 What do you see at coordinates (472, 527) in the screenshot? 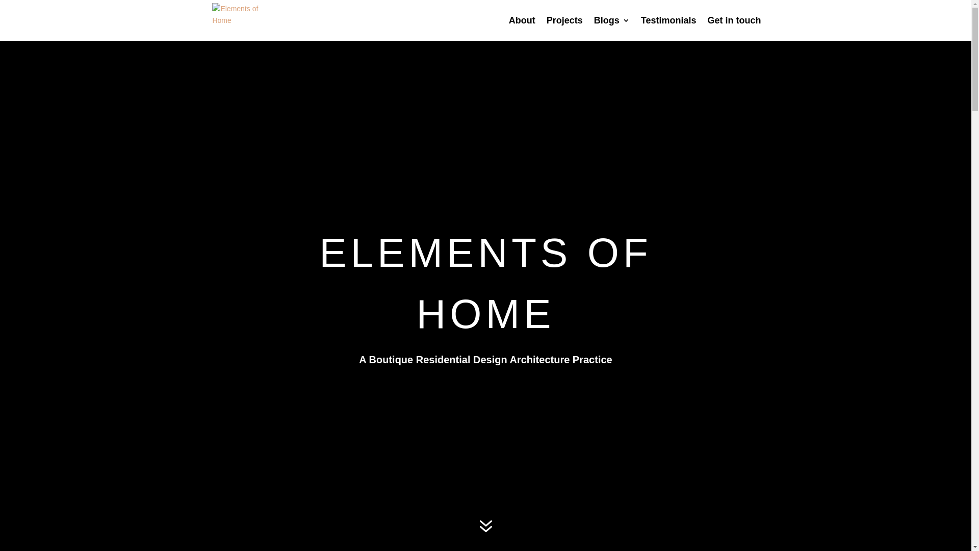
I see `'7'` at bounding box center [472, 527].